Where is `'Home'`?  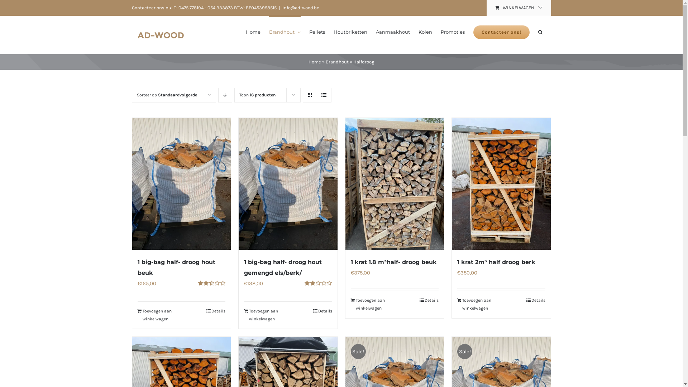
'Home' is located at coordinates (315, 61).